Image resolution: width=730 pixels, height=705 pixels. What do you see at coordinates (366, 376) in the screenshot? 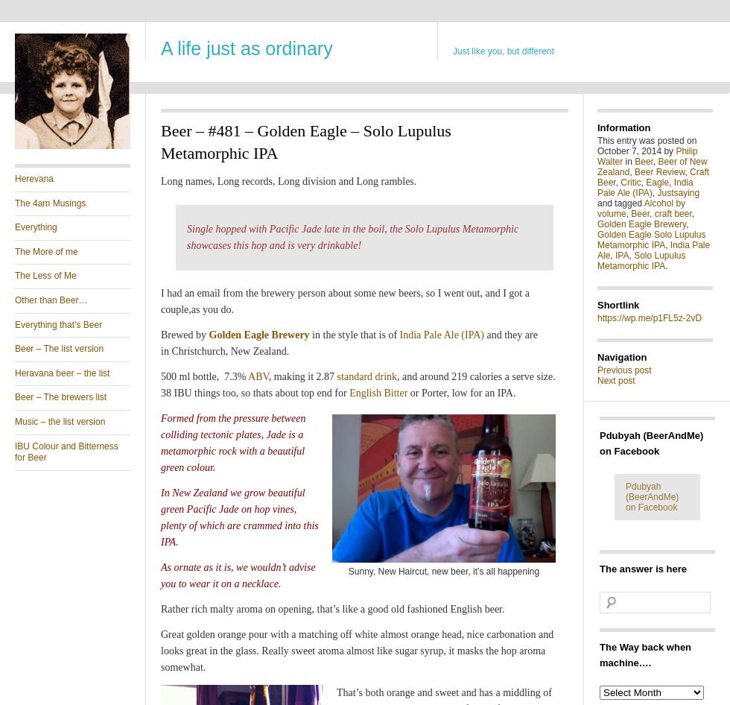
I see `'standard drink'` at bounding box center [366, 376].